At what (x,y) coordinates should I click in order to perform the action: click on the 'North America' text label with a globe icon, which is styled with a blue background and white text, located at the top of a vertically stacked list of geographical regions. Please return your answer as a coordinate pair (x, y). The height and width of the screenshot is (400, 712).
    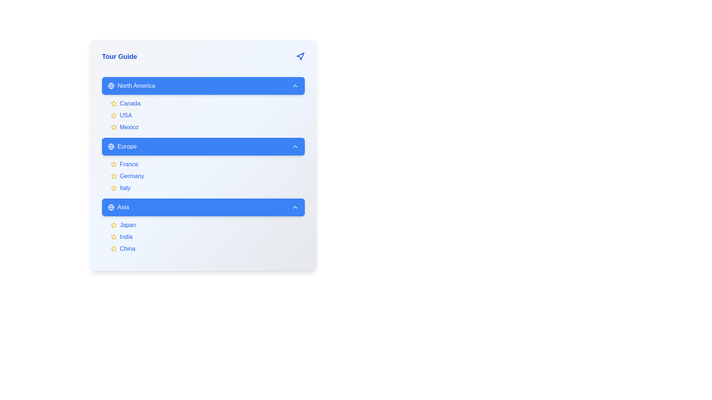
    Looking at the image, I should click on (131, 85).